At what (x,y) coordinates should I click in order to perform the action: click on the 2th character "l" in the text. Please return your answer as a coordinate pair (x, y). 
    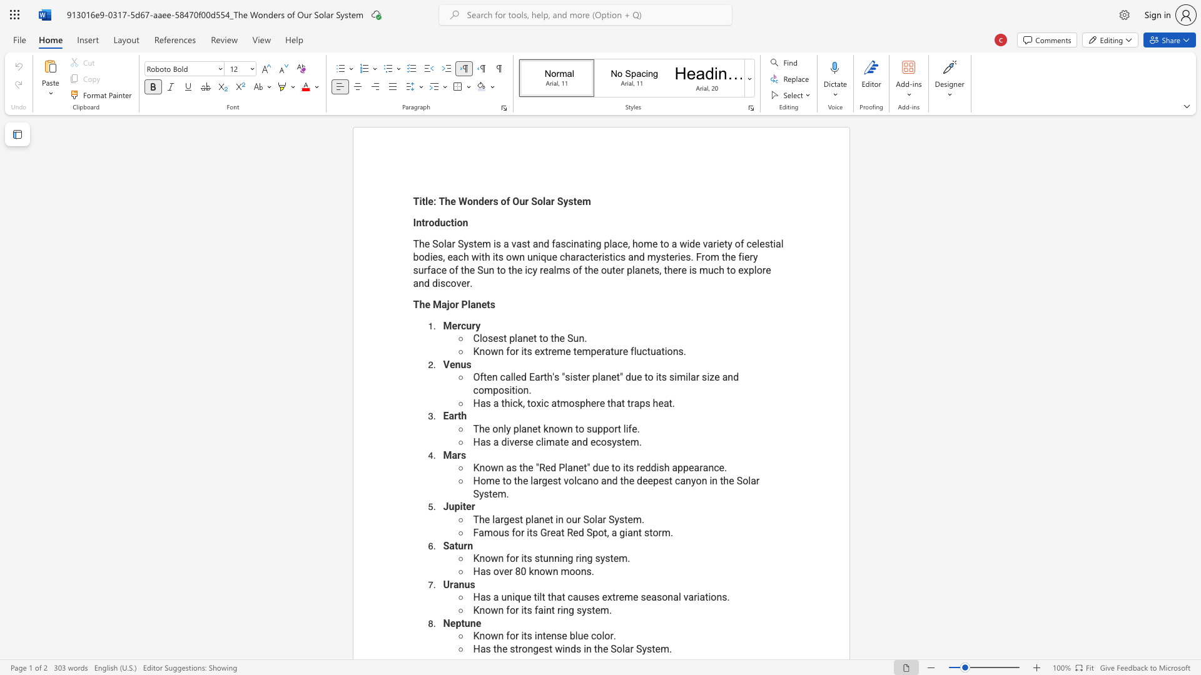
    Looking at the image, I should click on (544, 201).